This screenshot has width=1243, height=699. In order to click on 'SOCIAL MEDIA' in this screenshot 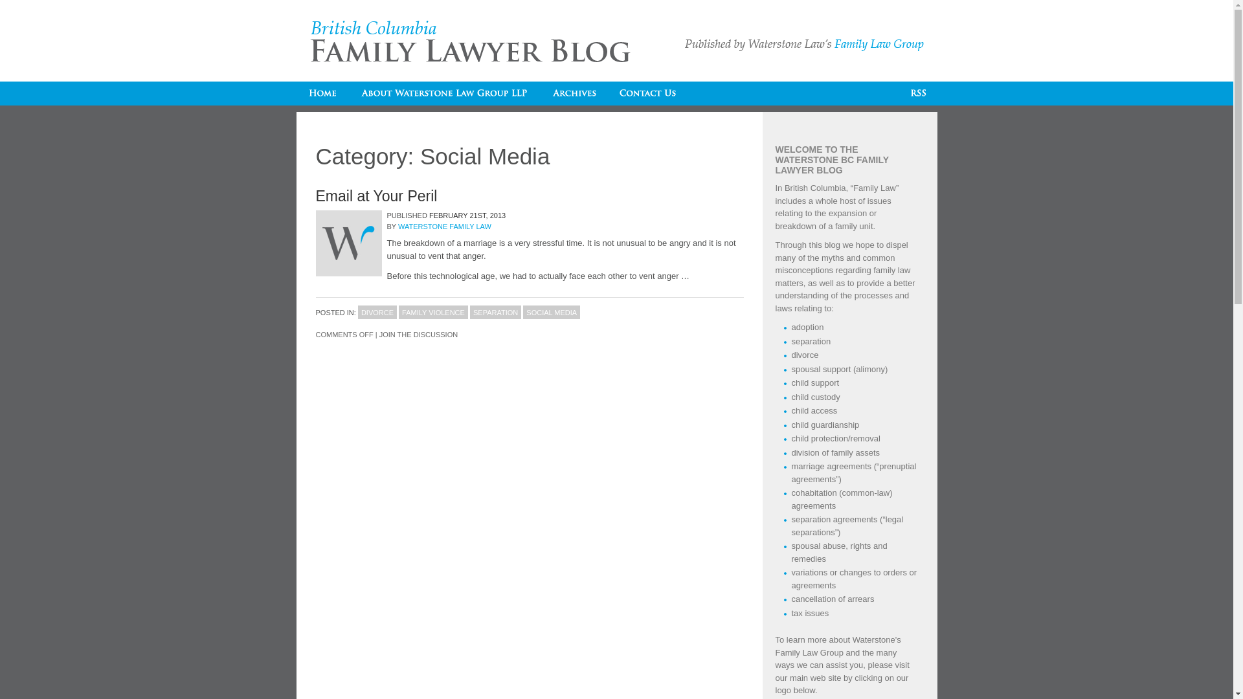, I will do `click(551, 312)`.